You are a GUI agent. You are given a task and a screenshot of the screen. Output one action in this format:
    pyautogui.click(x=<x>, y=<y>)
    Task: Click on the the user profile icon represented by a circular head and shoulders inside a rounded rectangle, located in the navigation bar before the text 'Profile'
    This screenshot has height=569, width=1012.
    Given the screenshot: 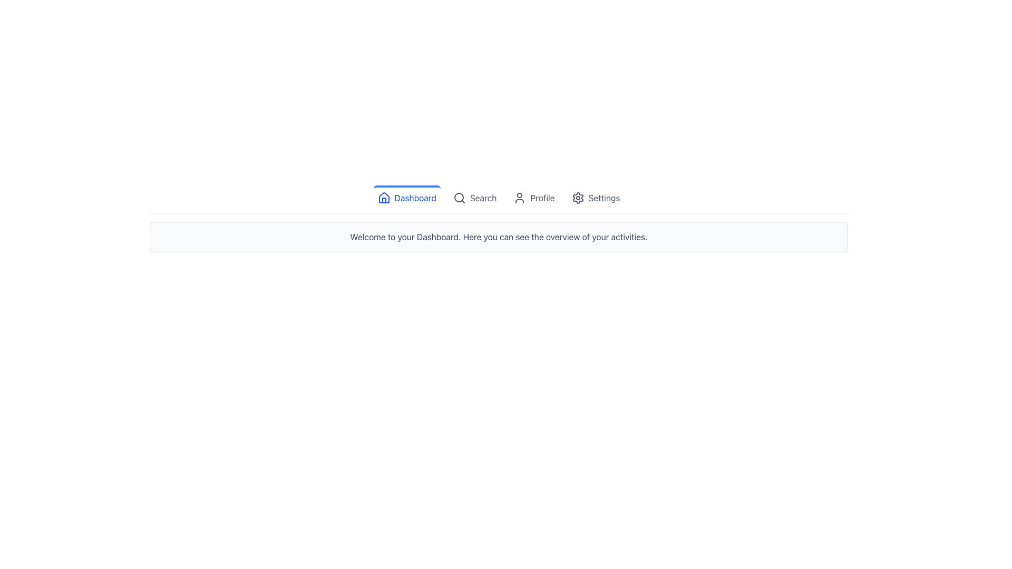 What is the action you would take?
    pyautogui.click(x=520, y=198)
    